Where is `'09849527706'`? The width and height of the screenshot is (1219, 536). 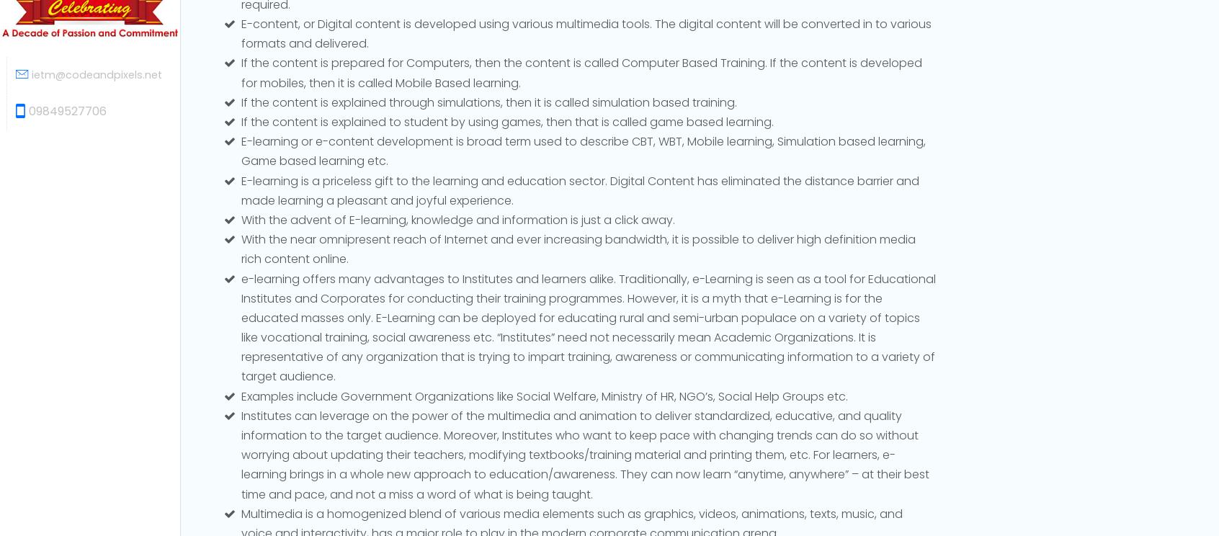 '09849527706' is located at coordinates (68, 28).